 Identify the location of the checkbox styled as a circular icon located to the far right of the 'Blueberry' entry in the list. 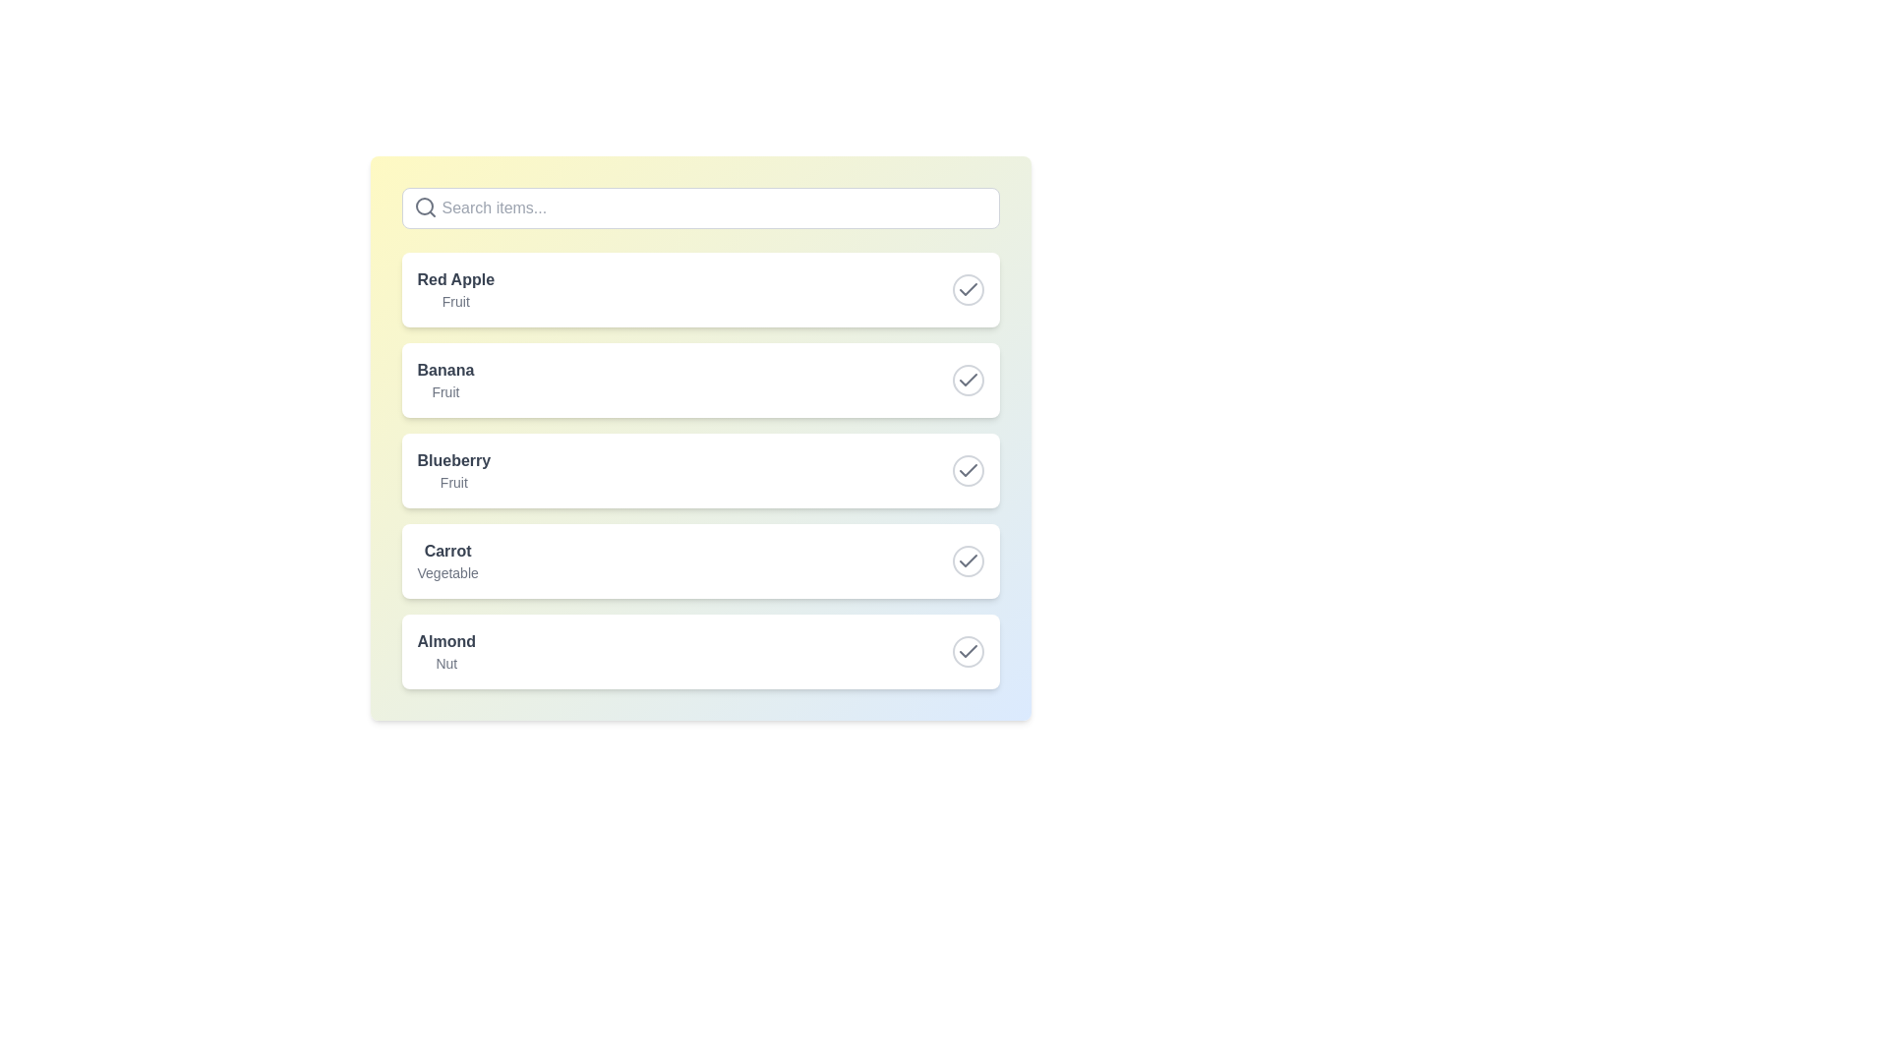
(968, 470).